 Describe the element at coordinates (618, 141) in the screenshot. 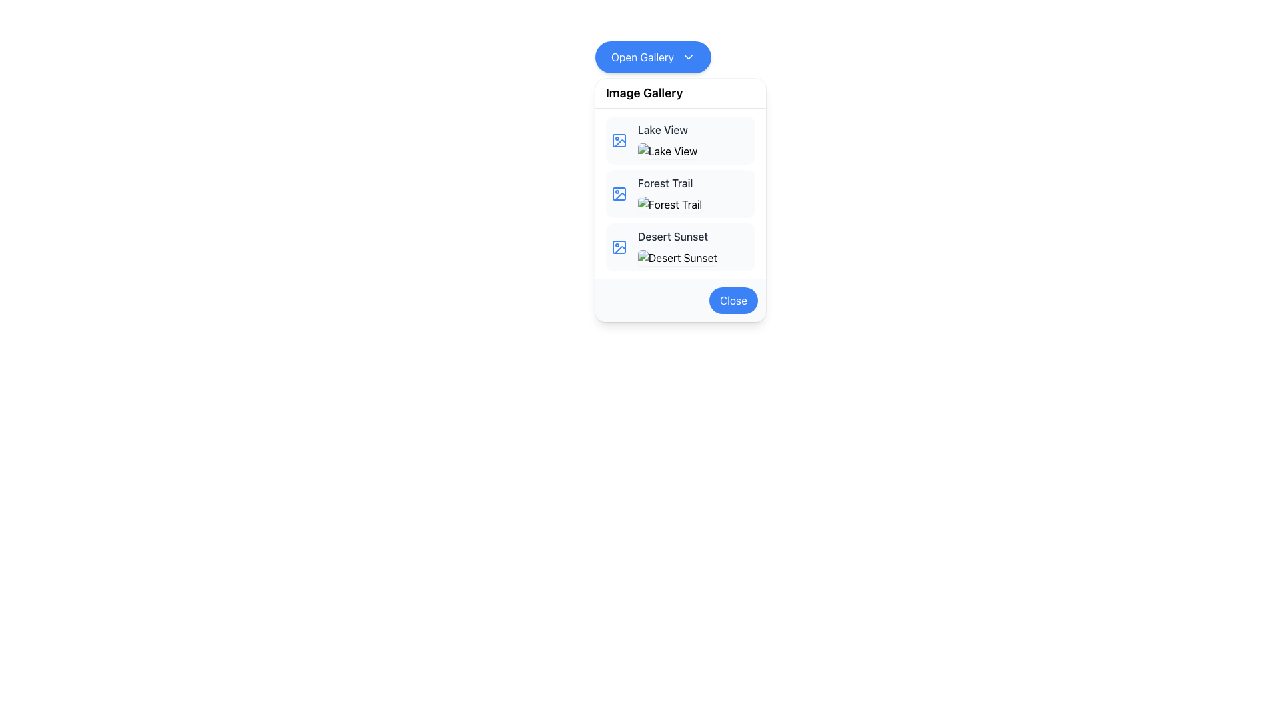

I see `the blue picture frame icon located in the topmost row of the 'Image Gallery' menu next to the text 'Lake View'` at that location.